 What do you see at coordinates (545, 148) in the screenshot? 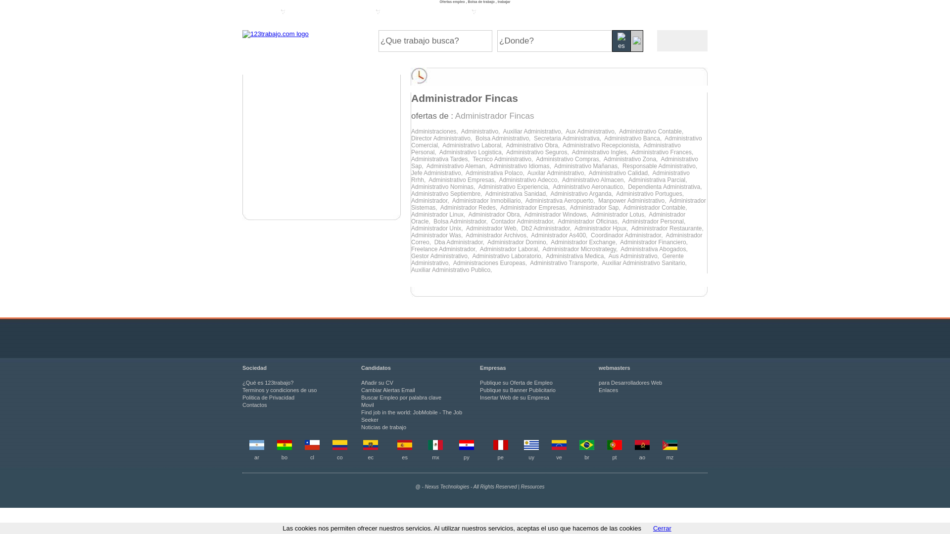
I see `'Administrativo Personal, '` at bounding box center [545, 148].